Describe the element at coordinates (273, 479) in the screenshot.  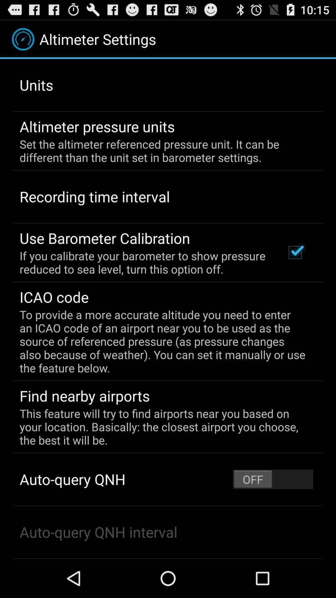
I see `the item at the bottom right corner` at that location.